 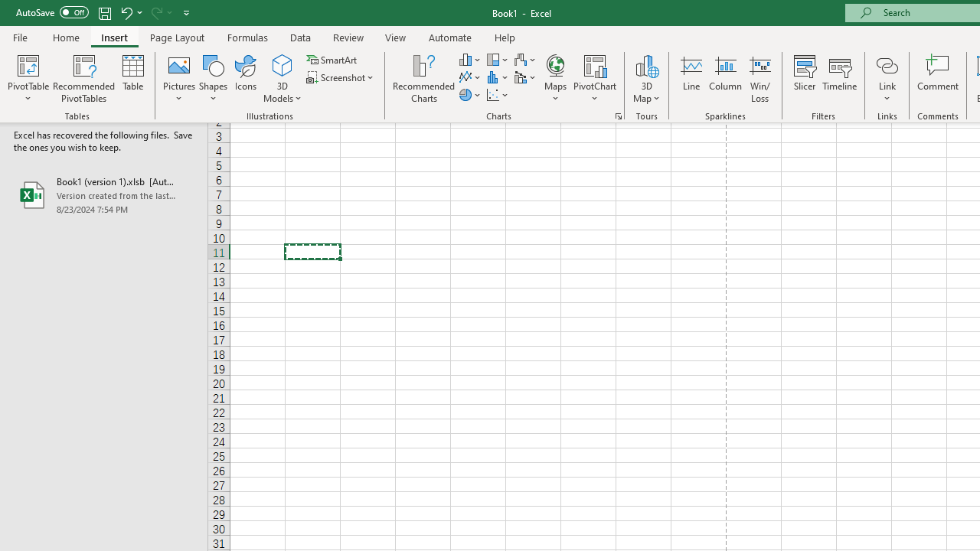 What do you see at coordinates (505, 37) in the screenshot?
I see `'Help'` at bounding box center [505, 37].